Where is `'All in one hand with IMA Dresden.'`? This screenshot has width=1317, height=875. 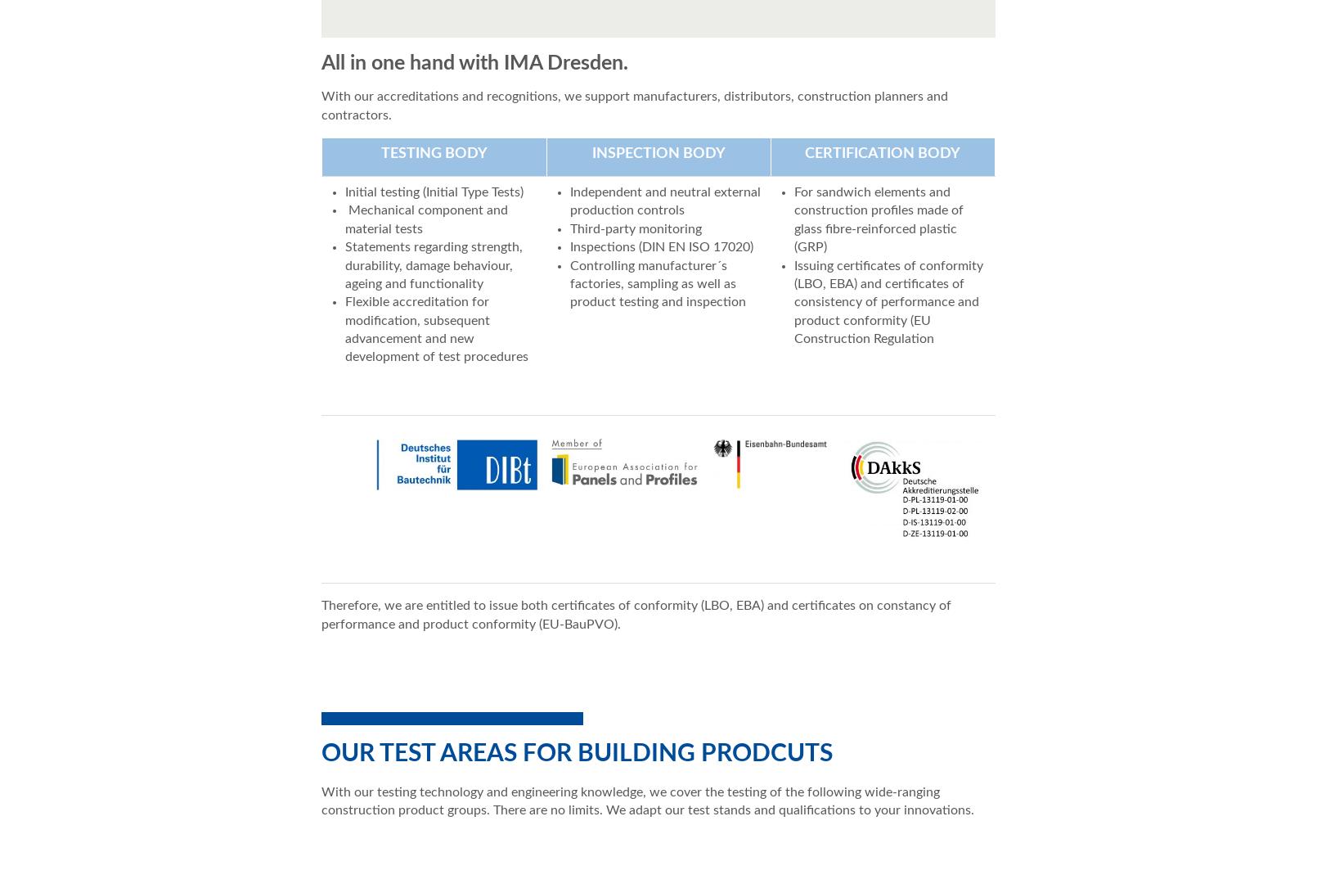
'All in one hand with IMA Dresden.' is located at coordinates (474, 62).